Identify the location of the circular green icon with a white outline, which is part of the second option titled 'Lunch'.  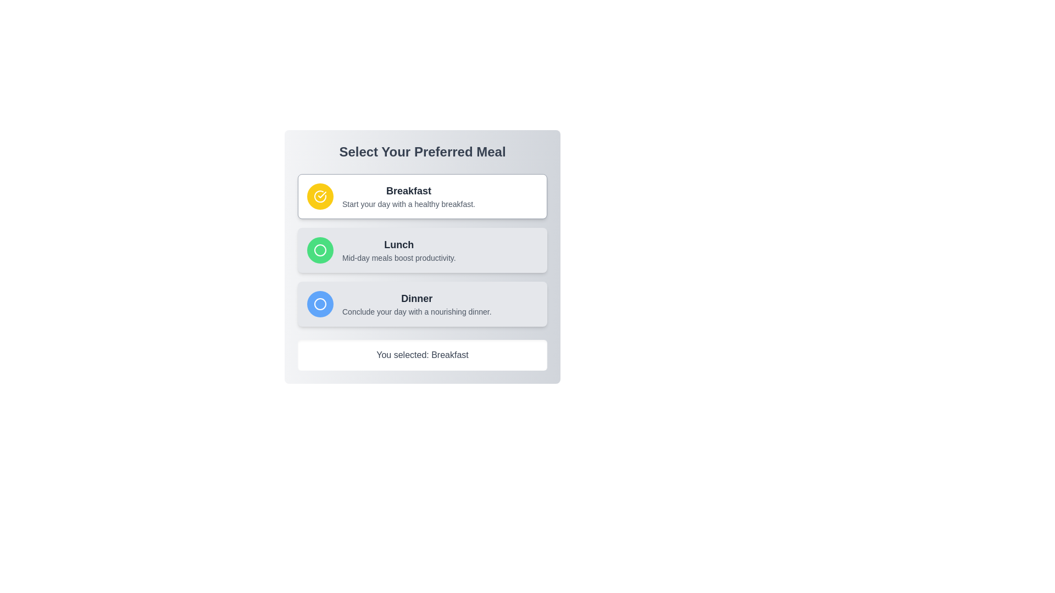
(319, 250).